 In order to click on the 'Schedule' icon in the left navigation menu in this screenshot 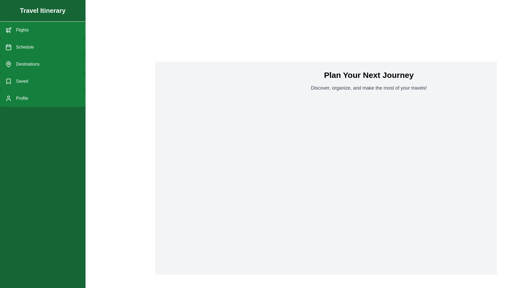, I will do `click(9, 47)`.